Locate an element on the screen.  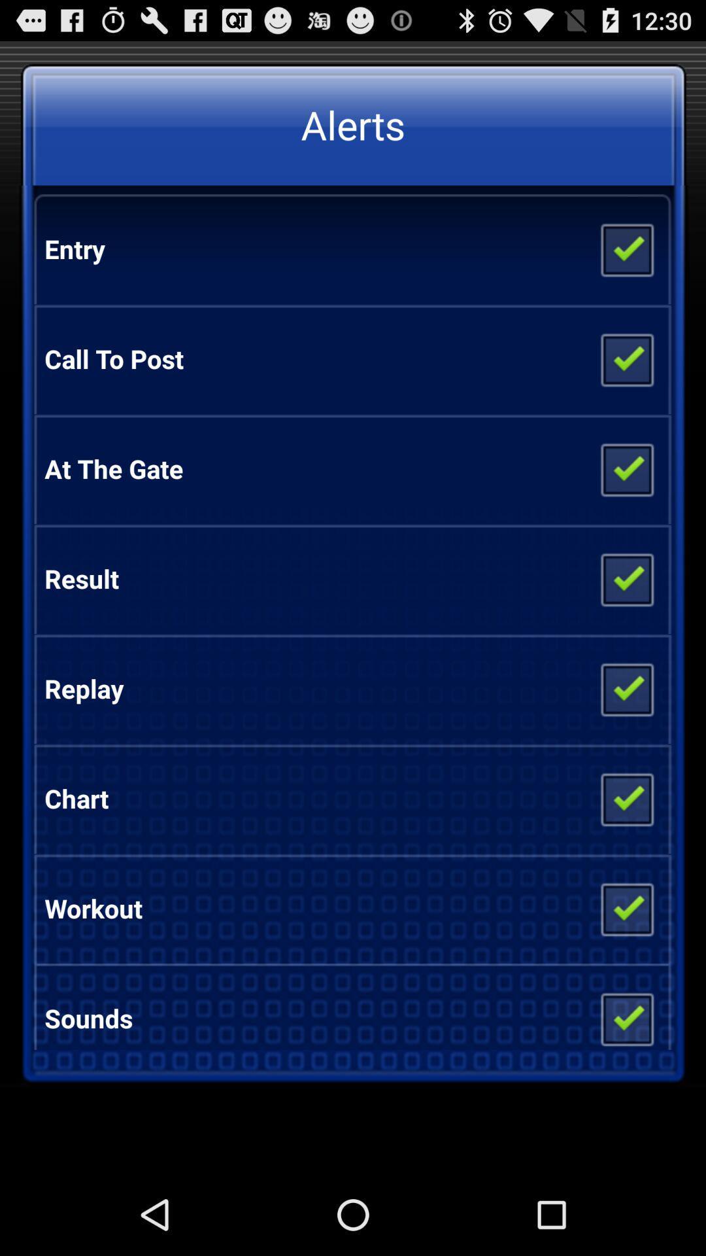
option is located at coordinates (626, 688).